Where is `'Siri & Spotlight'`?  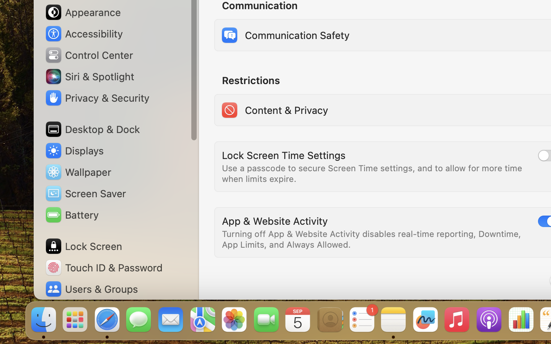 'Siri & Spotlight' is located at coordinates (89, 76).